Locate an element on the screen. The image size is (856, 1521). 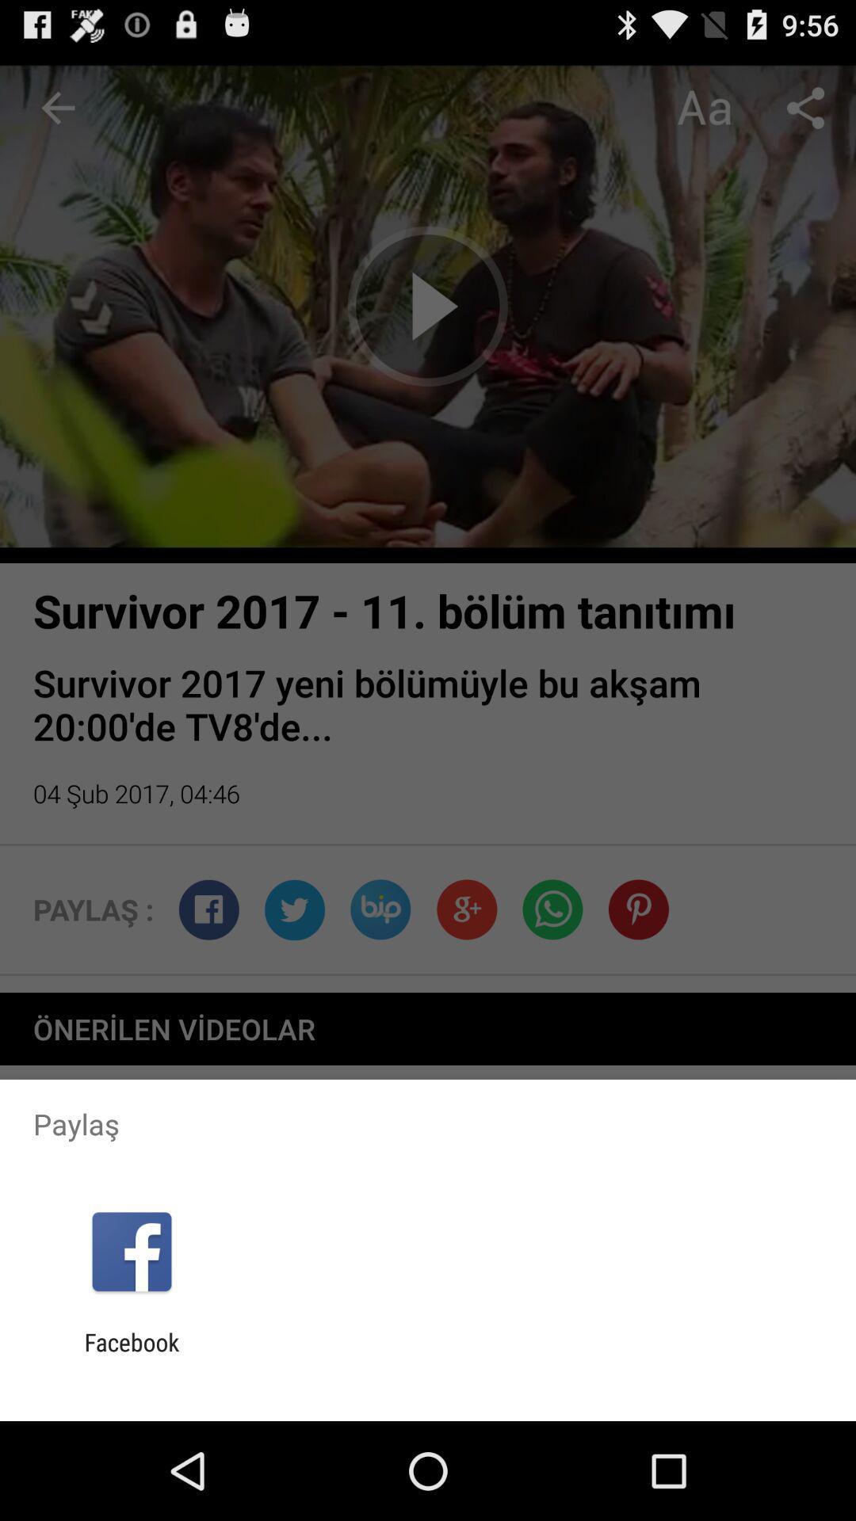
facebook item is located at coordinates (131, 1355).